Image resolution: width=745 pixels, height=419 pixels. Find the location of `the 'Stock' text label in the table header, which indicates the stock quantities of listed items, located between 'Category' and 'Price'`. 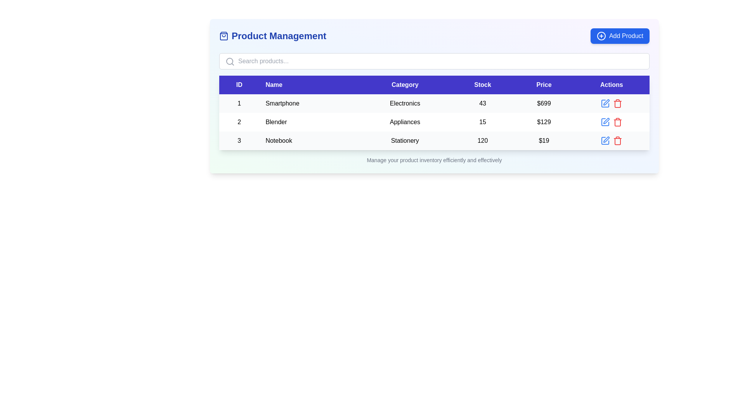

the 'Stock' text label in the table header, which indicates the stock quantities of listed items, located between 'Category' and 'Price' is located at coordinates (482, 85).